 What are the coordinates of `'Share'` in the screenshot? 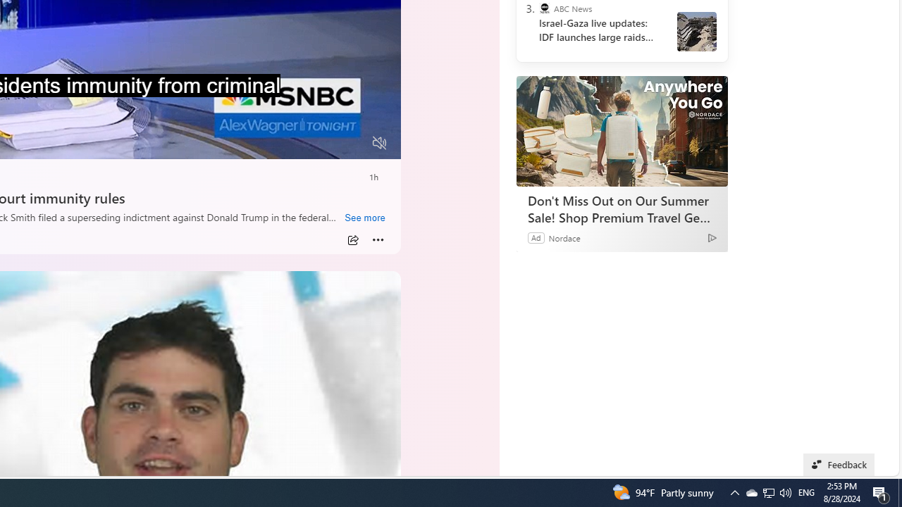 It's located at (353, 239).